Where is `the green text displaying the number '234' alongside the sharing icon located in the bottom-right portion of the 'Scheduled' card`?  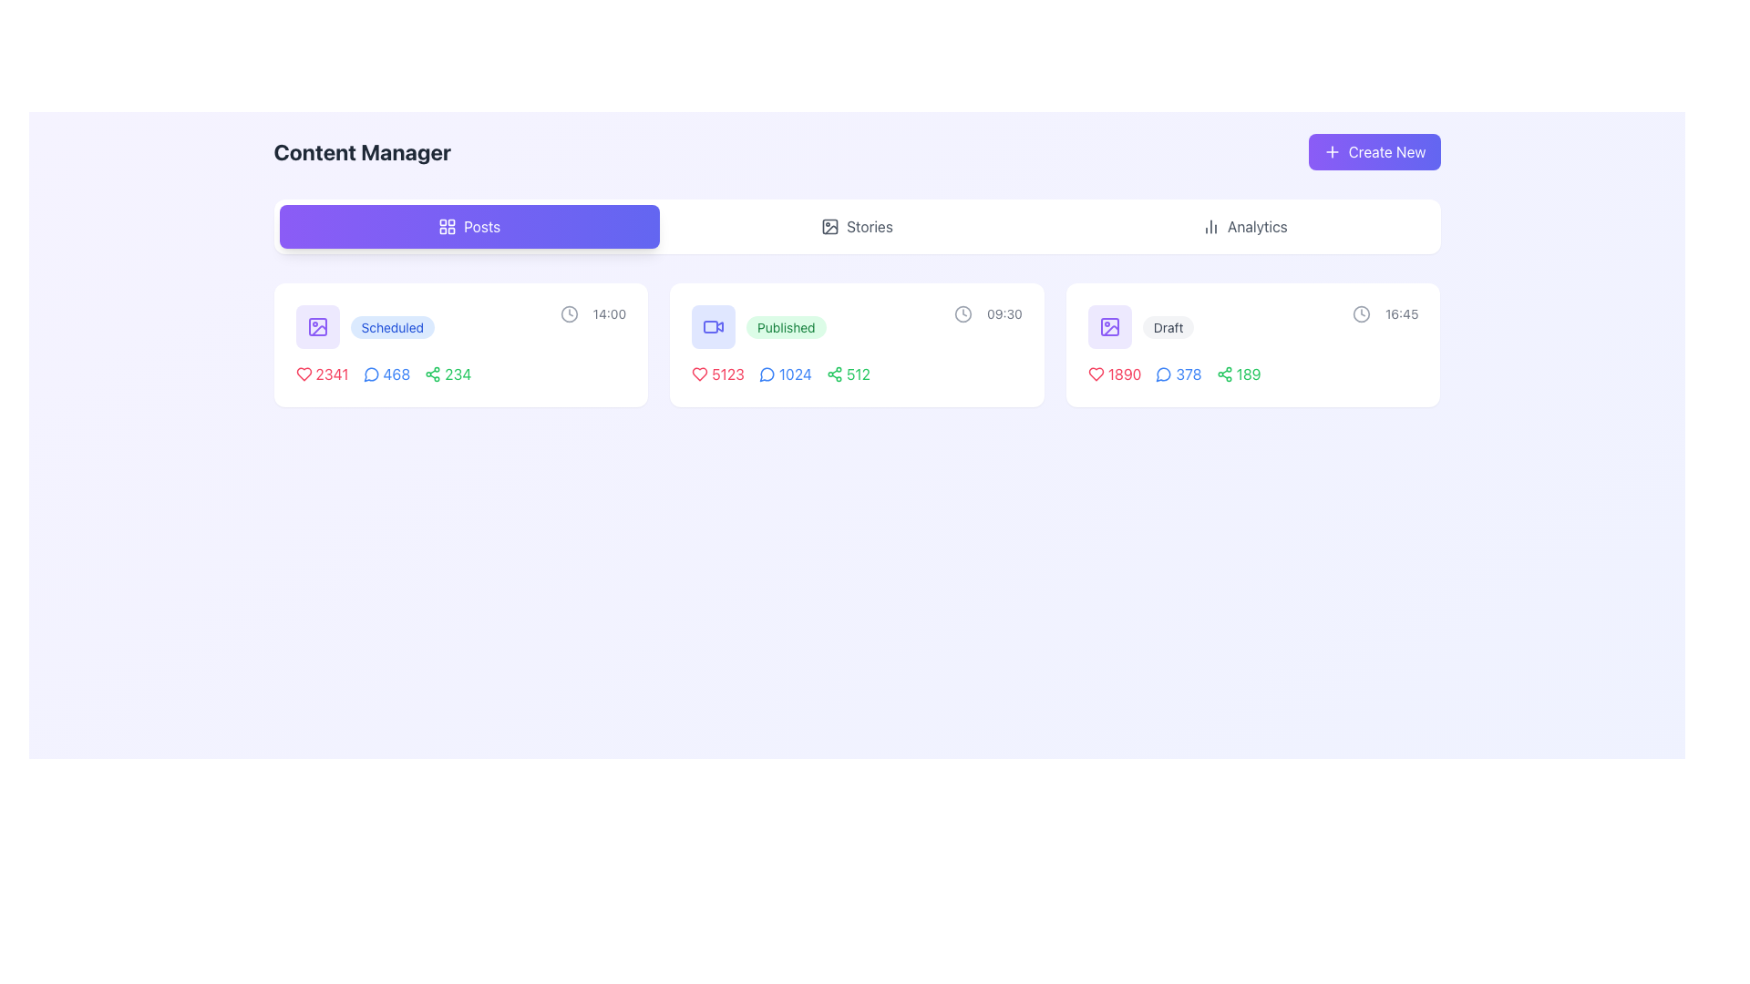
the green text displaying the number '234' alongside the sharing icon located in the bottom-right portion of the 'Scheduled' card is located at coordinates (448, 374).